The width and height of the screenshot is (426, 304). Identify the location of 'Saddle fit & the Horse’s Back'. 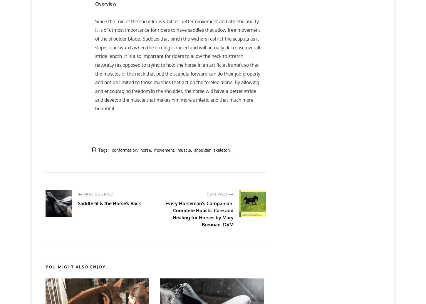
(109, 203).